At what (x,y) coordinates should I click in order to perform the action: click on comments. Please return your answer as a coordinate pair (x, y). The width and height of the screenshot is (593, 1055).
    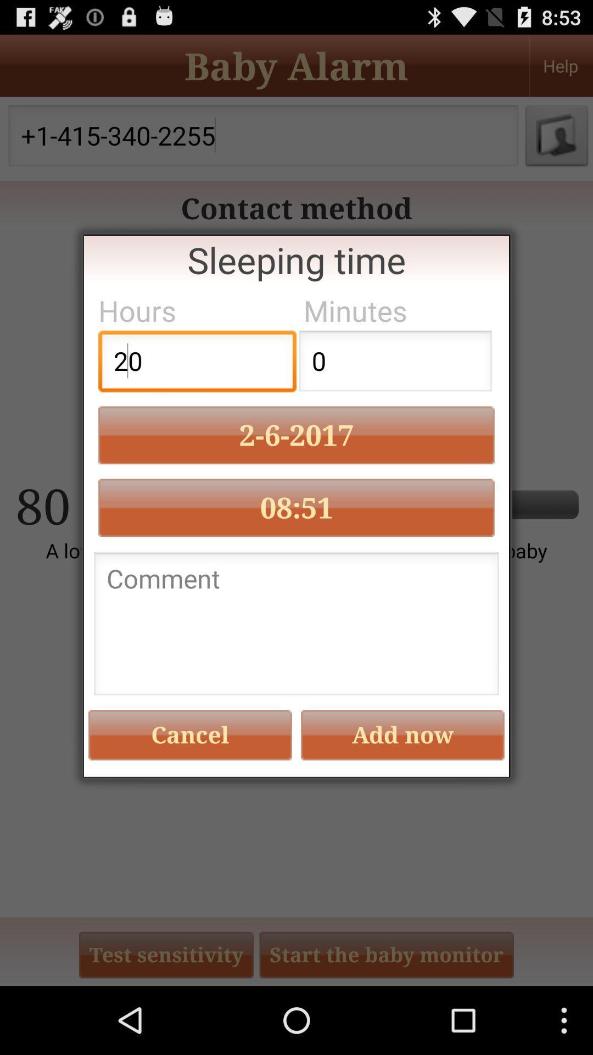
    Looking at the image, I should click on (296, 627).